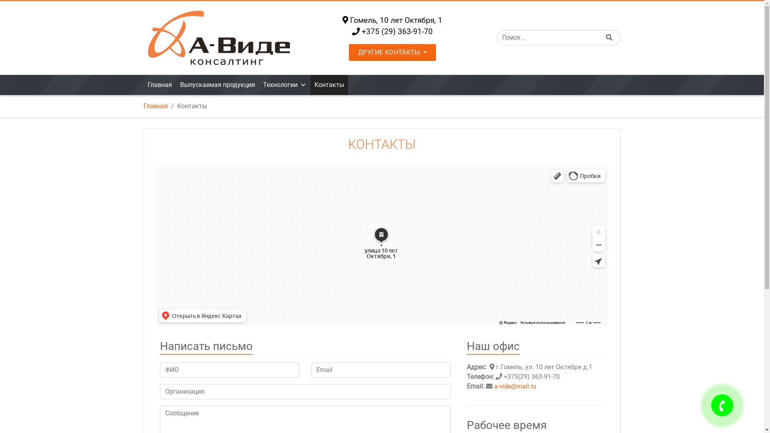  I want to click on 'a-vide@mail.ru', so click(494, 386).